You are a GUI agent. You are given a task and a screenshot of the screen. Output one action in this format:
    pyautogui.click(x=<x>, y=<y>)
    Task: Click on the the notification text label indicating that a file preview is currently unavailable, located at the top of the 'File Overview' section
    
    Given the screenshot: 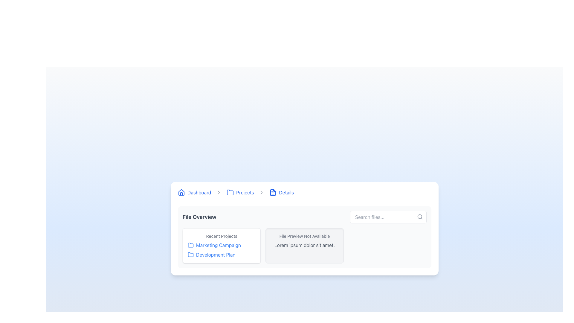 What is the action you would take?
    pyautogui.click(x=304, y=236)
    